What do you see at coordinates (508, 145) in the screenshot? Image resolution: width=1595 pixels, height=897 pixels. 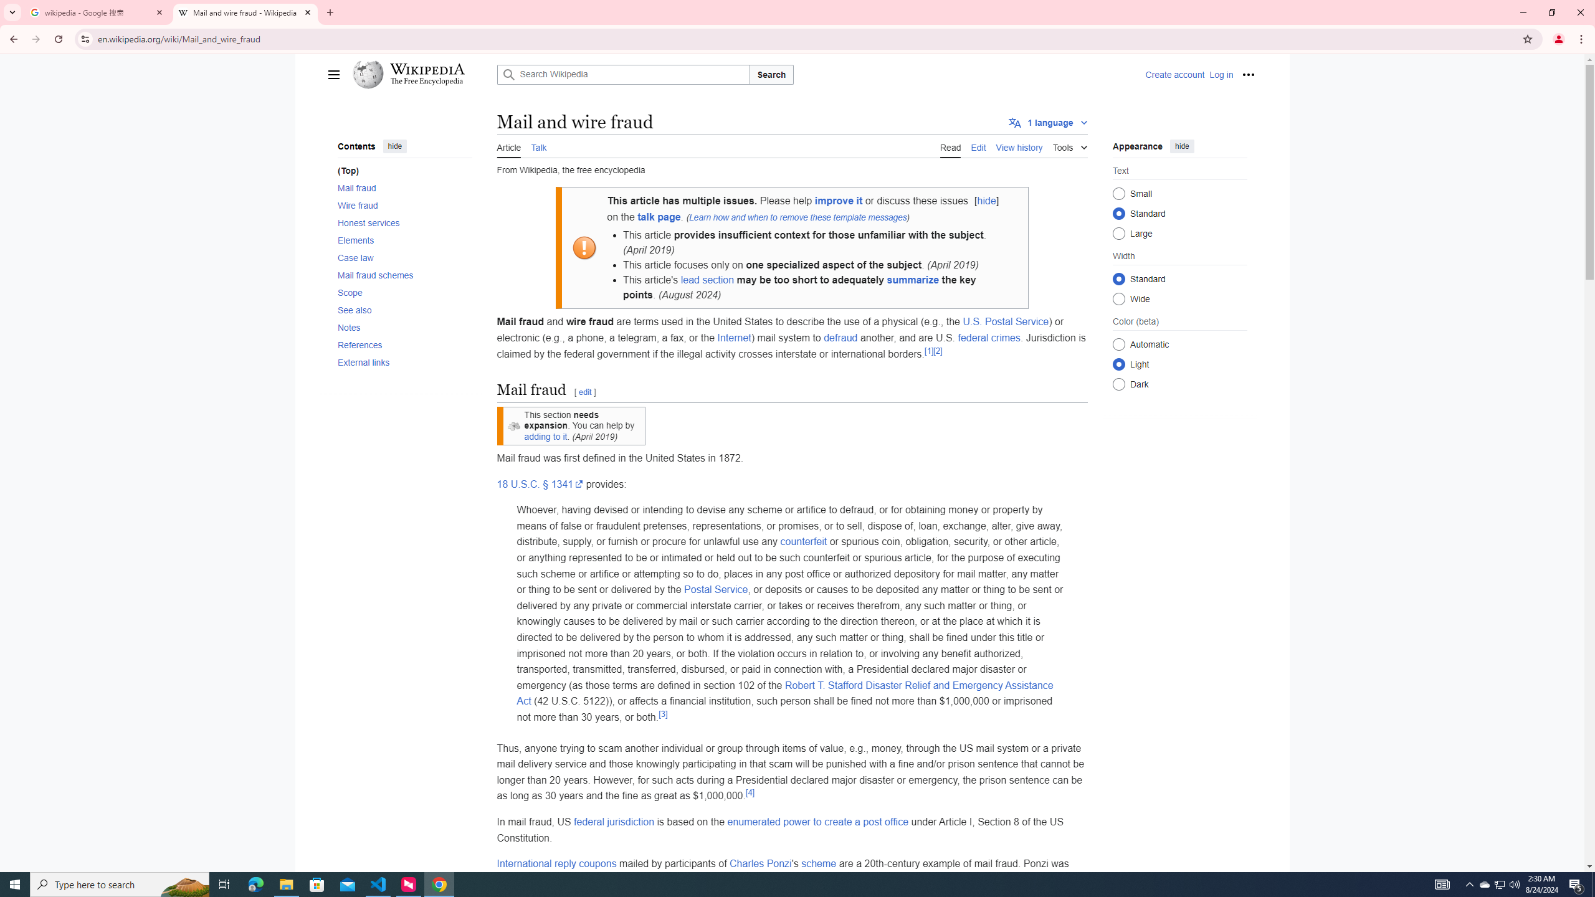 I see `'AutomationID: ca-nstab-main'` at bounding box center [508, 145].